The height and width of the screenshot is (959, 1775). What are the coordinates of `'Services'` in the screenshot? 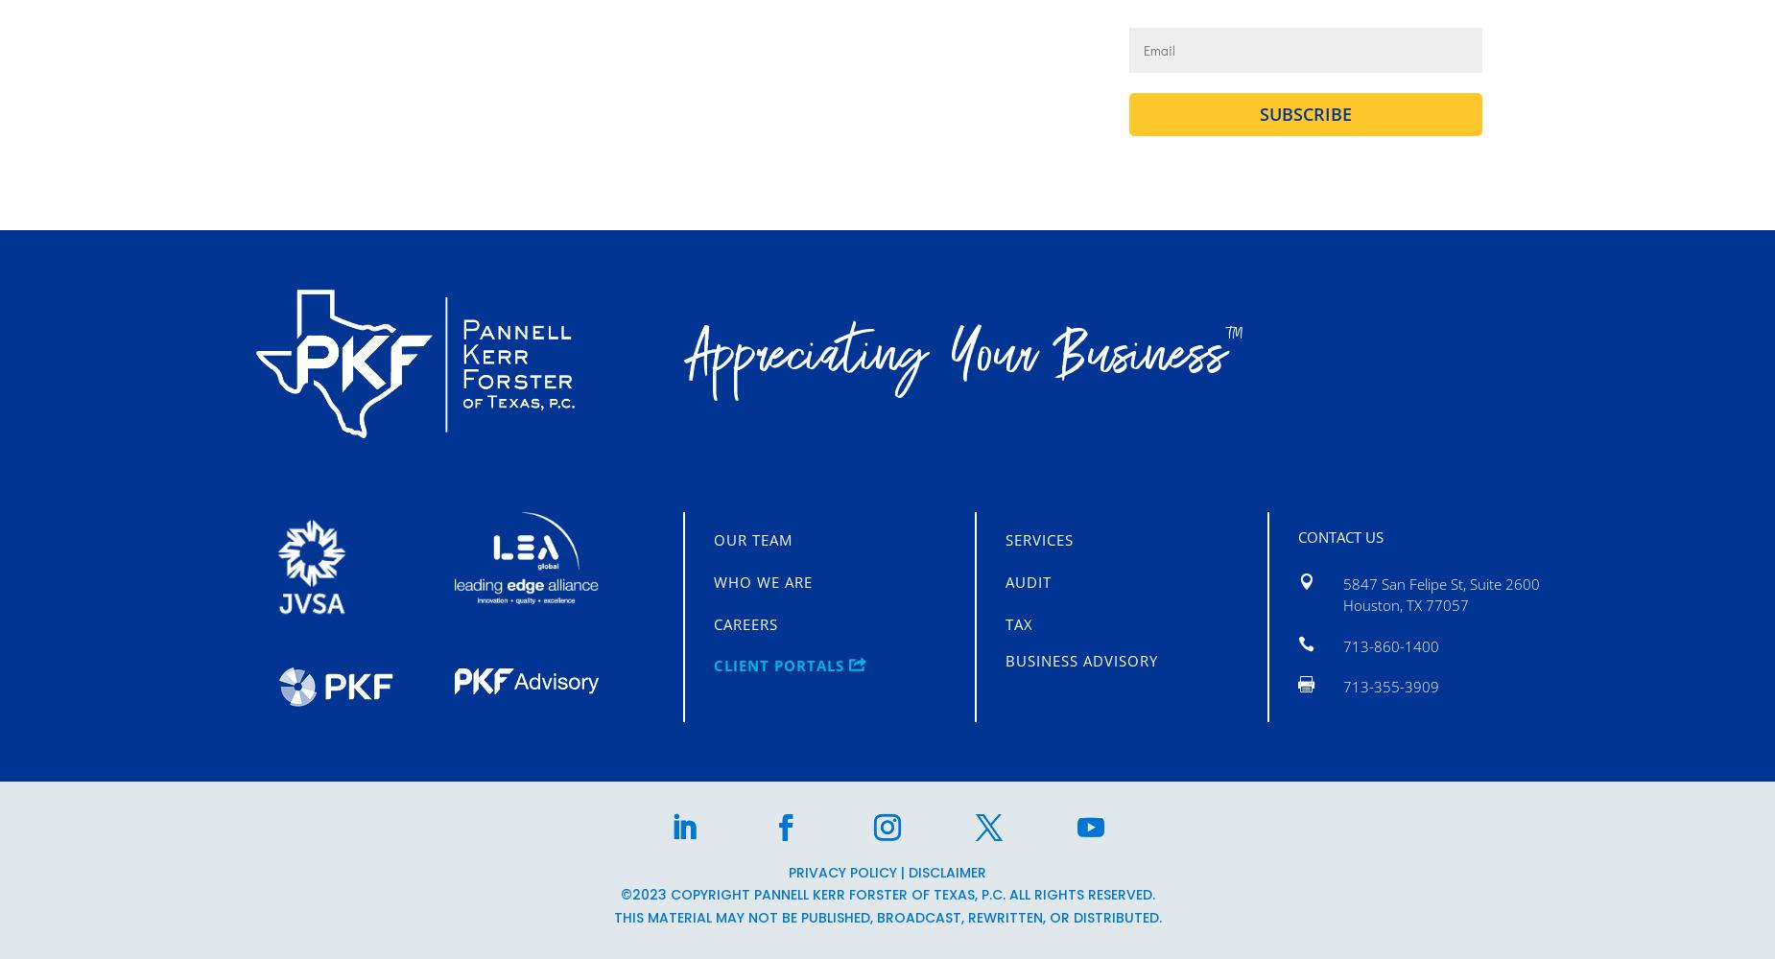 It's located at (1038, 539).